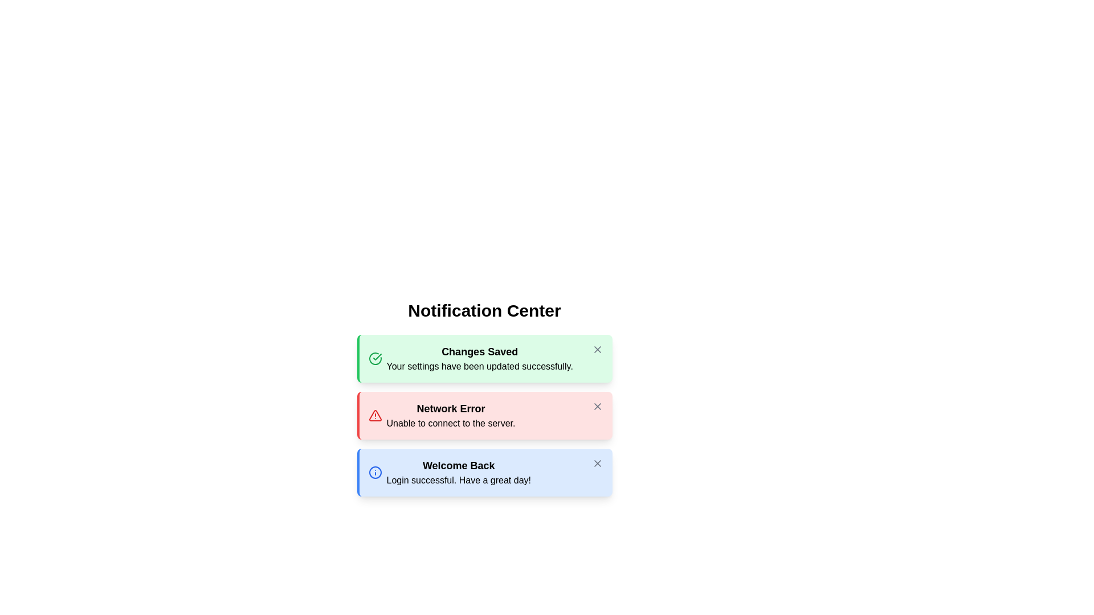  Describe the element at coordinates (597, 348) in the screenshot. I see `the 'X' icon button located in the upper-right corner of the green notification card labeled 'Changes Saved'` at that location.